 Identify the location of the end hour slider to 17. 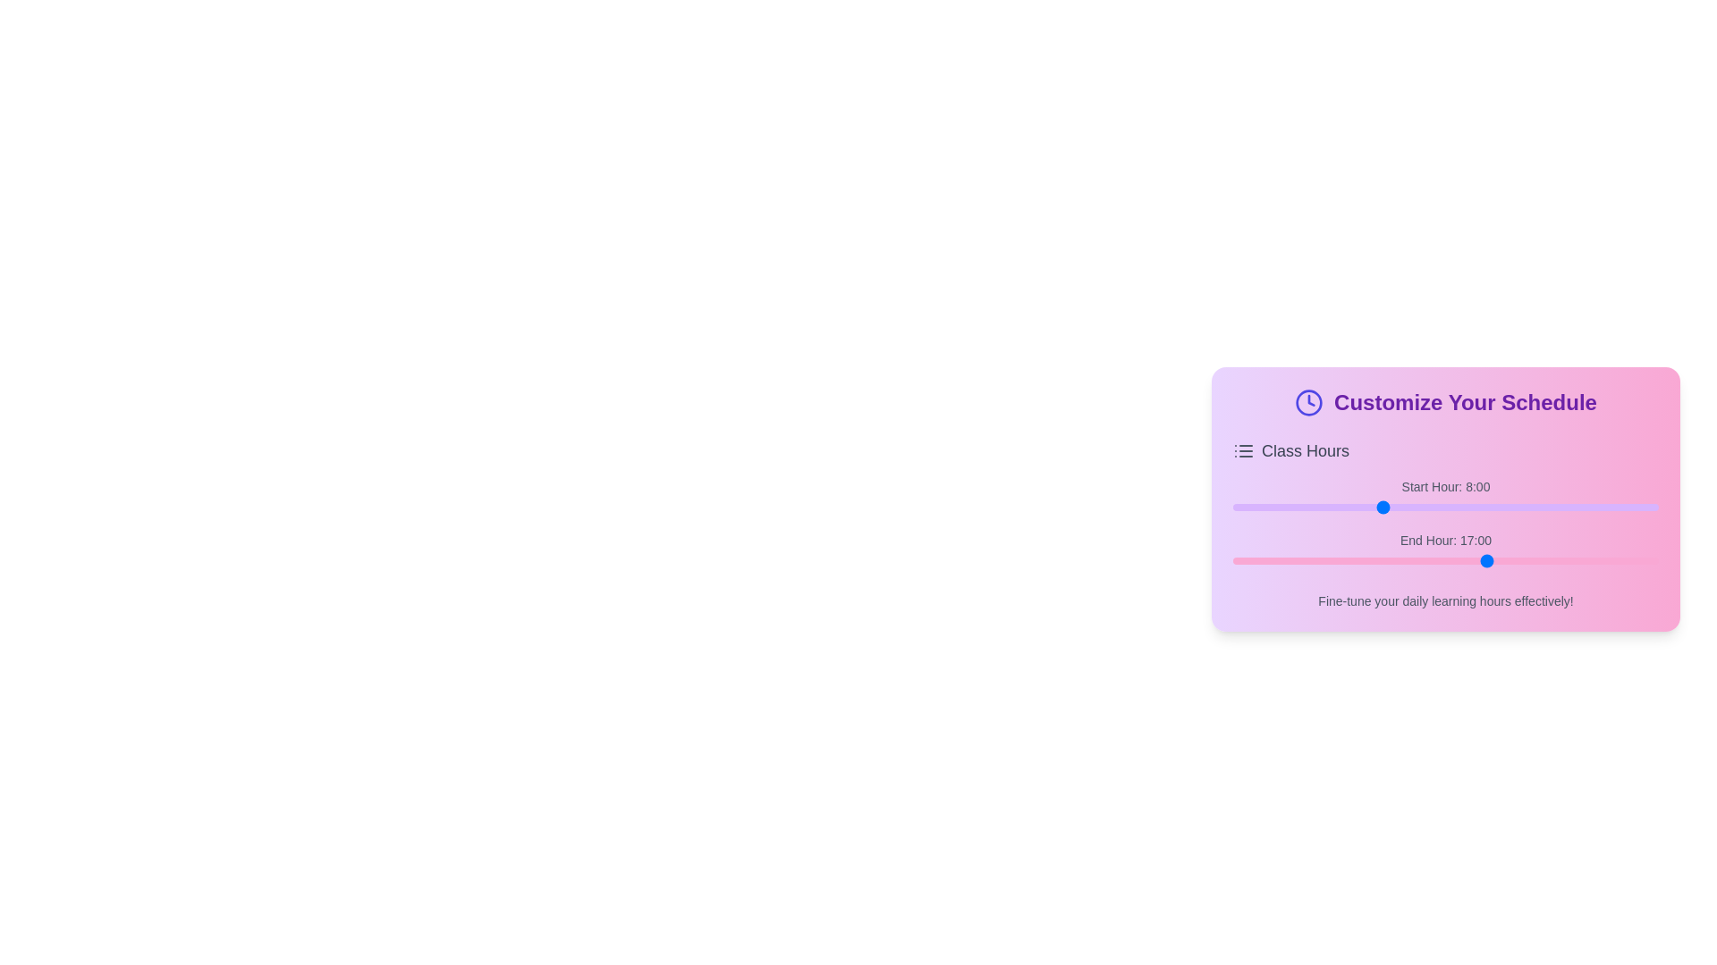
(1488, 560).